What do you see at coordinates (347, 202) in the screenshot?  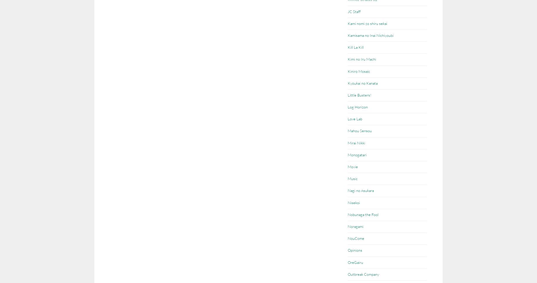 I see `'Nisekoi'` at bounding box center [347, 202].